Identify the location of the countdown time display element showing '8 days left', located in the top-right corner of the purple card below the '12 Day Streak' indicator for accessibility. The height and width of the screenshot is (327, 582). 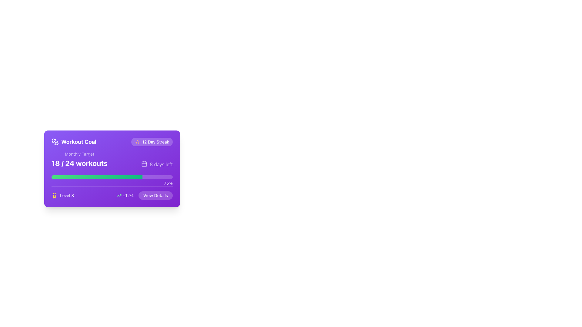
(157, 164).